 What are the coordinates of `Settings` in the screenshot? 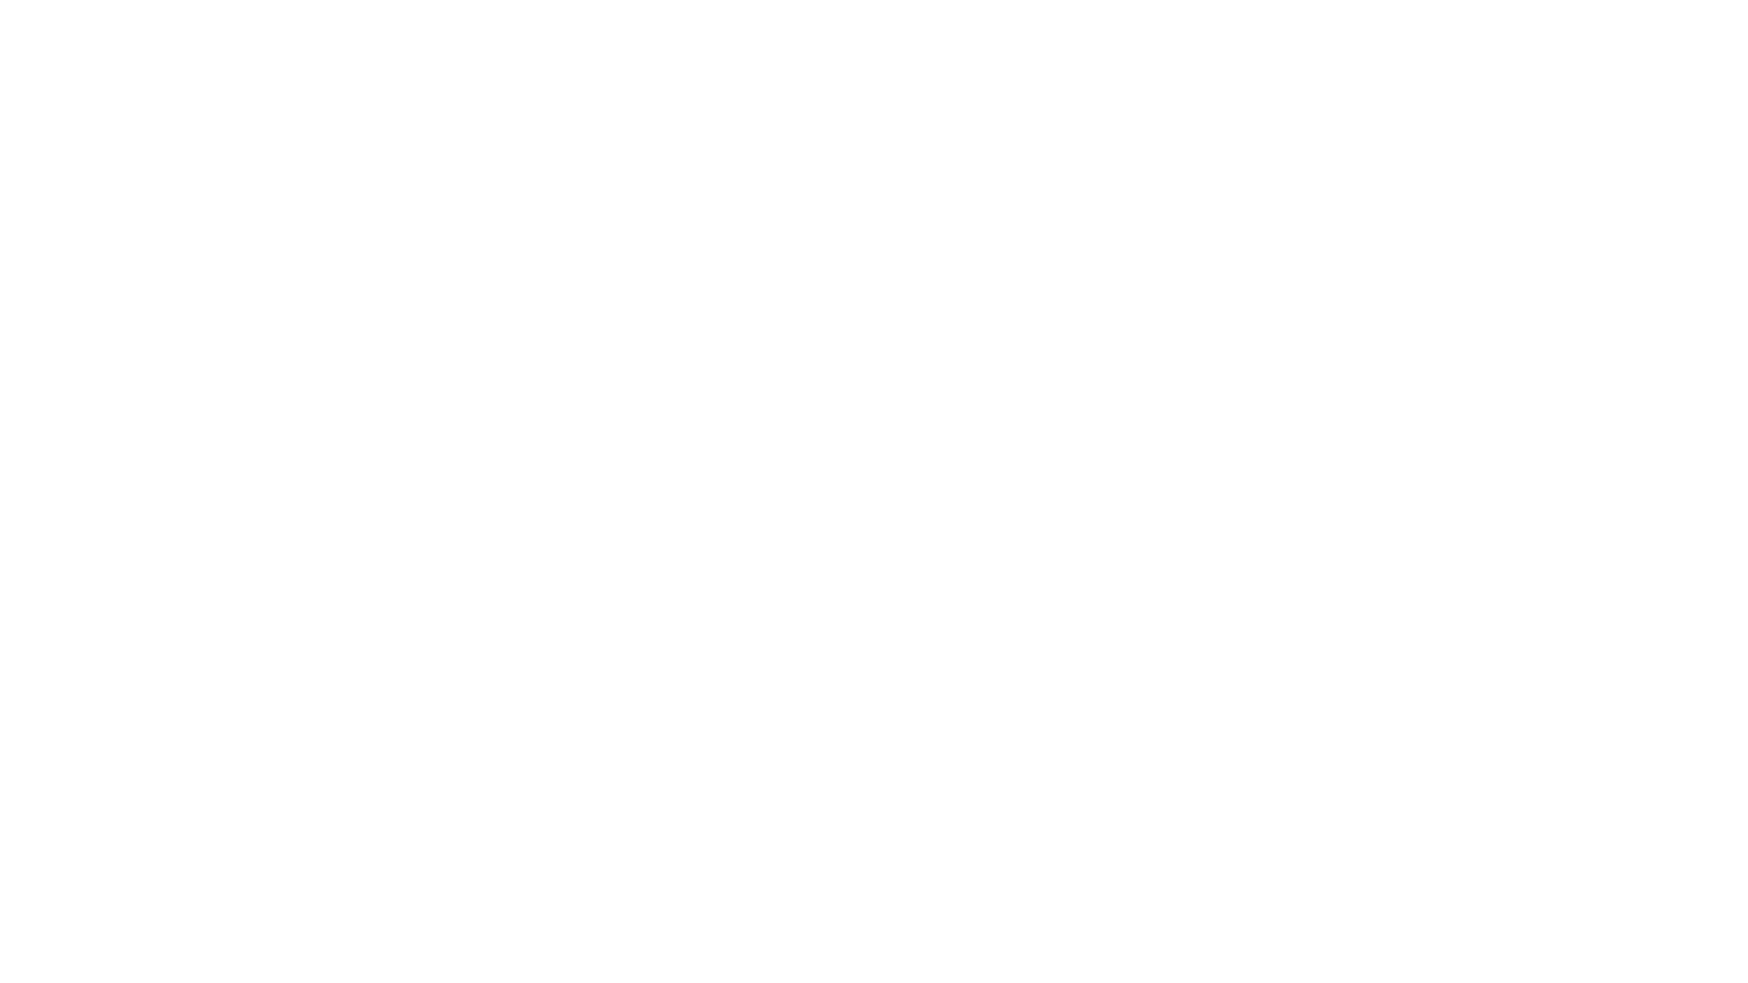 It's located at (1587, 953).